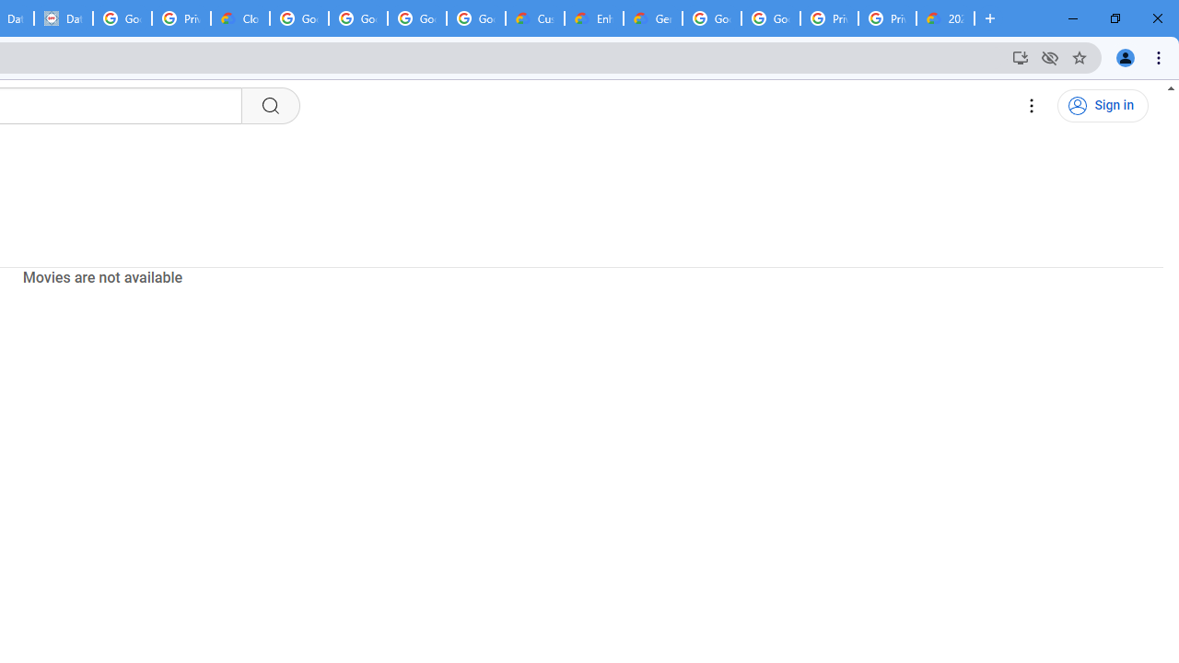  I want to click on 'Install YouTube', so click(1019, 56).